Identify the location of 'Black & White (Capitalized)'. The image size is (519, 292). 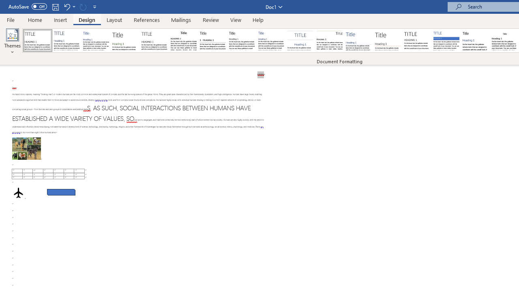
(154, 41).